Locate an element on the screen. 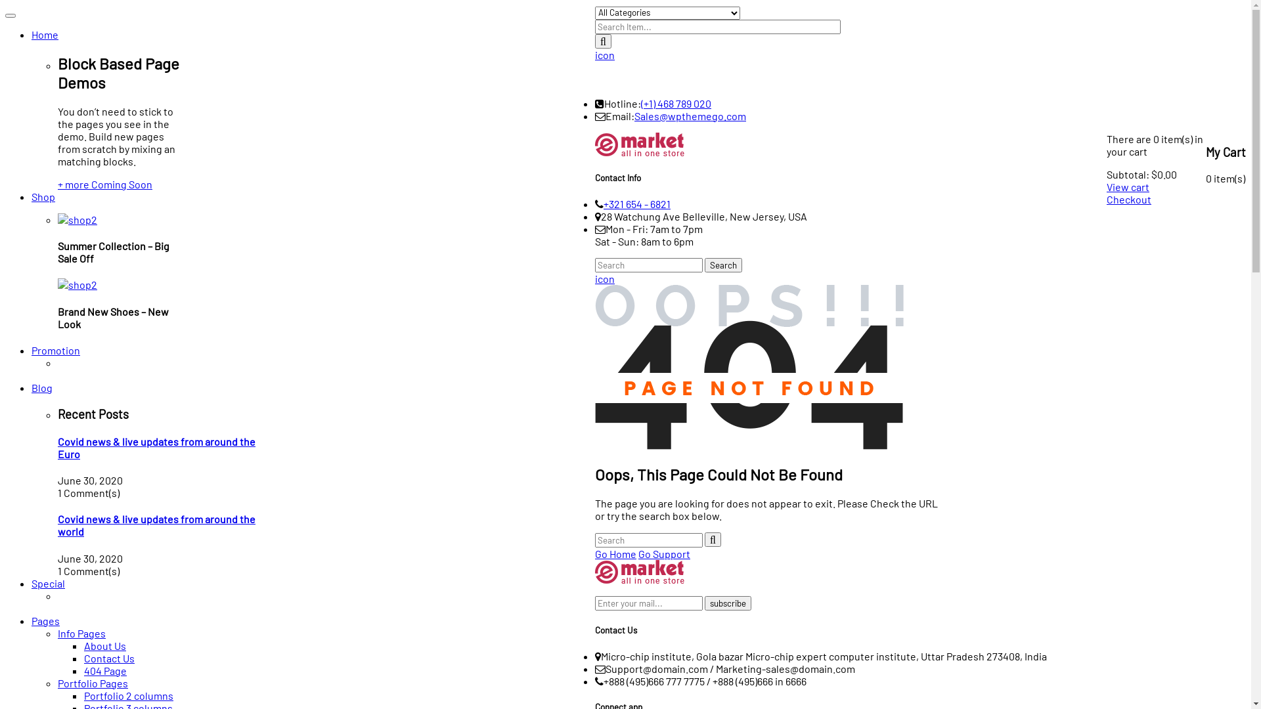 The height and width of the screenshot is (709, 1261). 'Special' is located at coordinates (32, 582).